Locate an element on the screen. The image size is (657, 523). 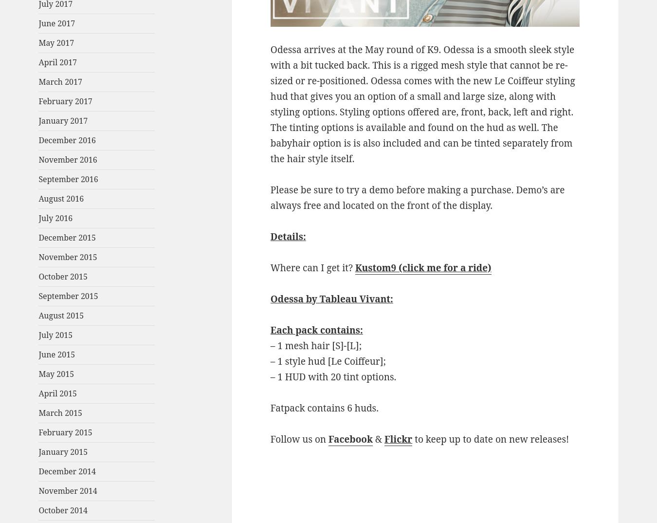
'– 1 mesh hair [S]-[L];' is located at coordinates (315, 345).